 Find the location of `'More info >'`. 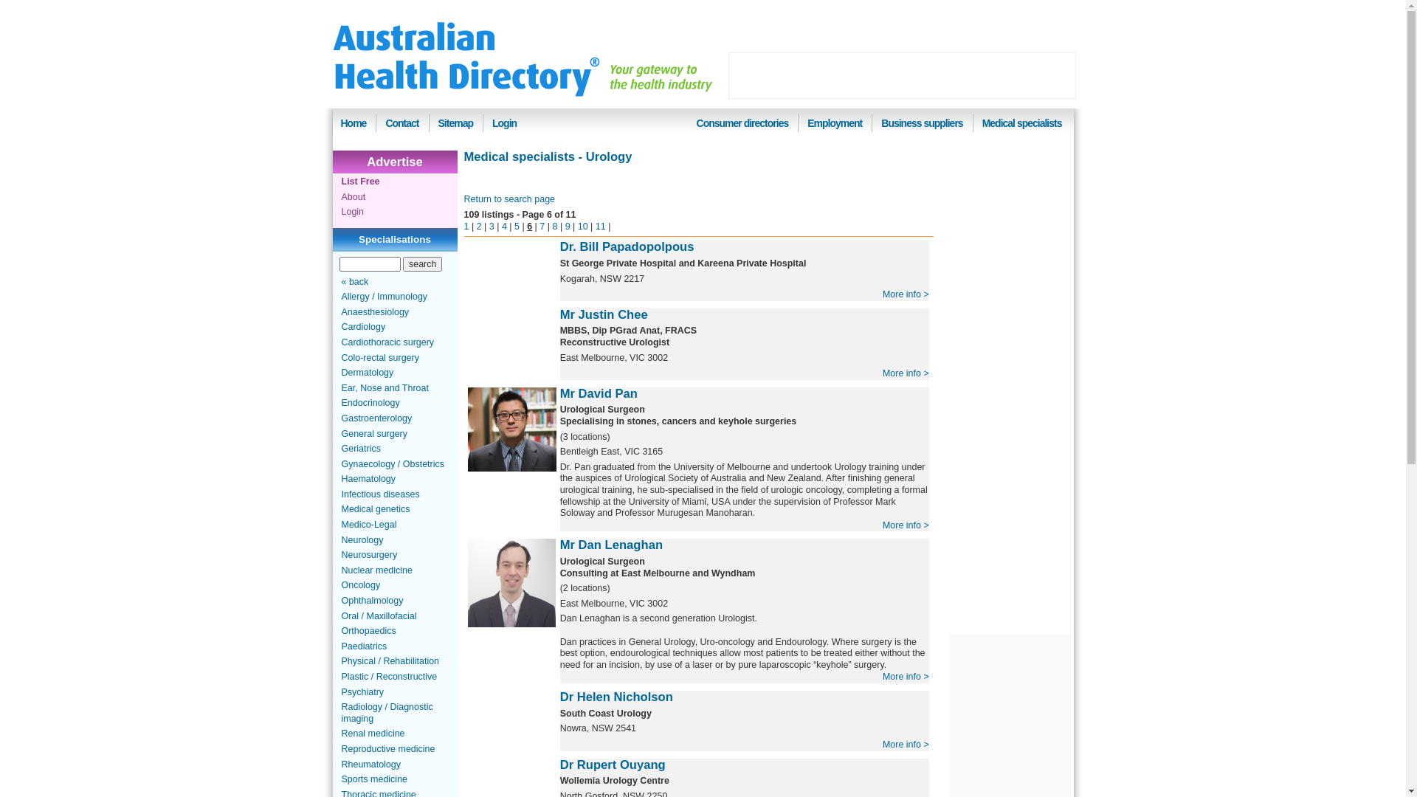

'More info >' is located at coordinates (882, 677).